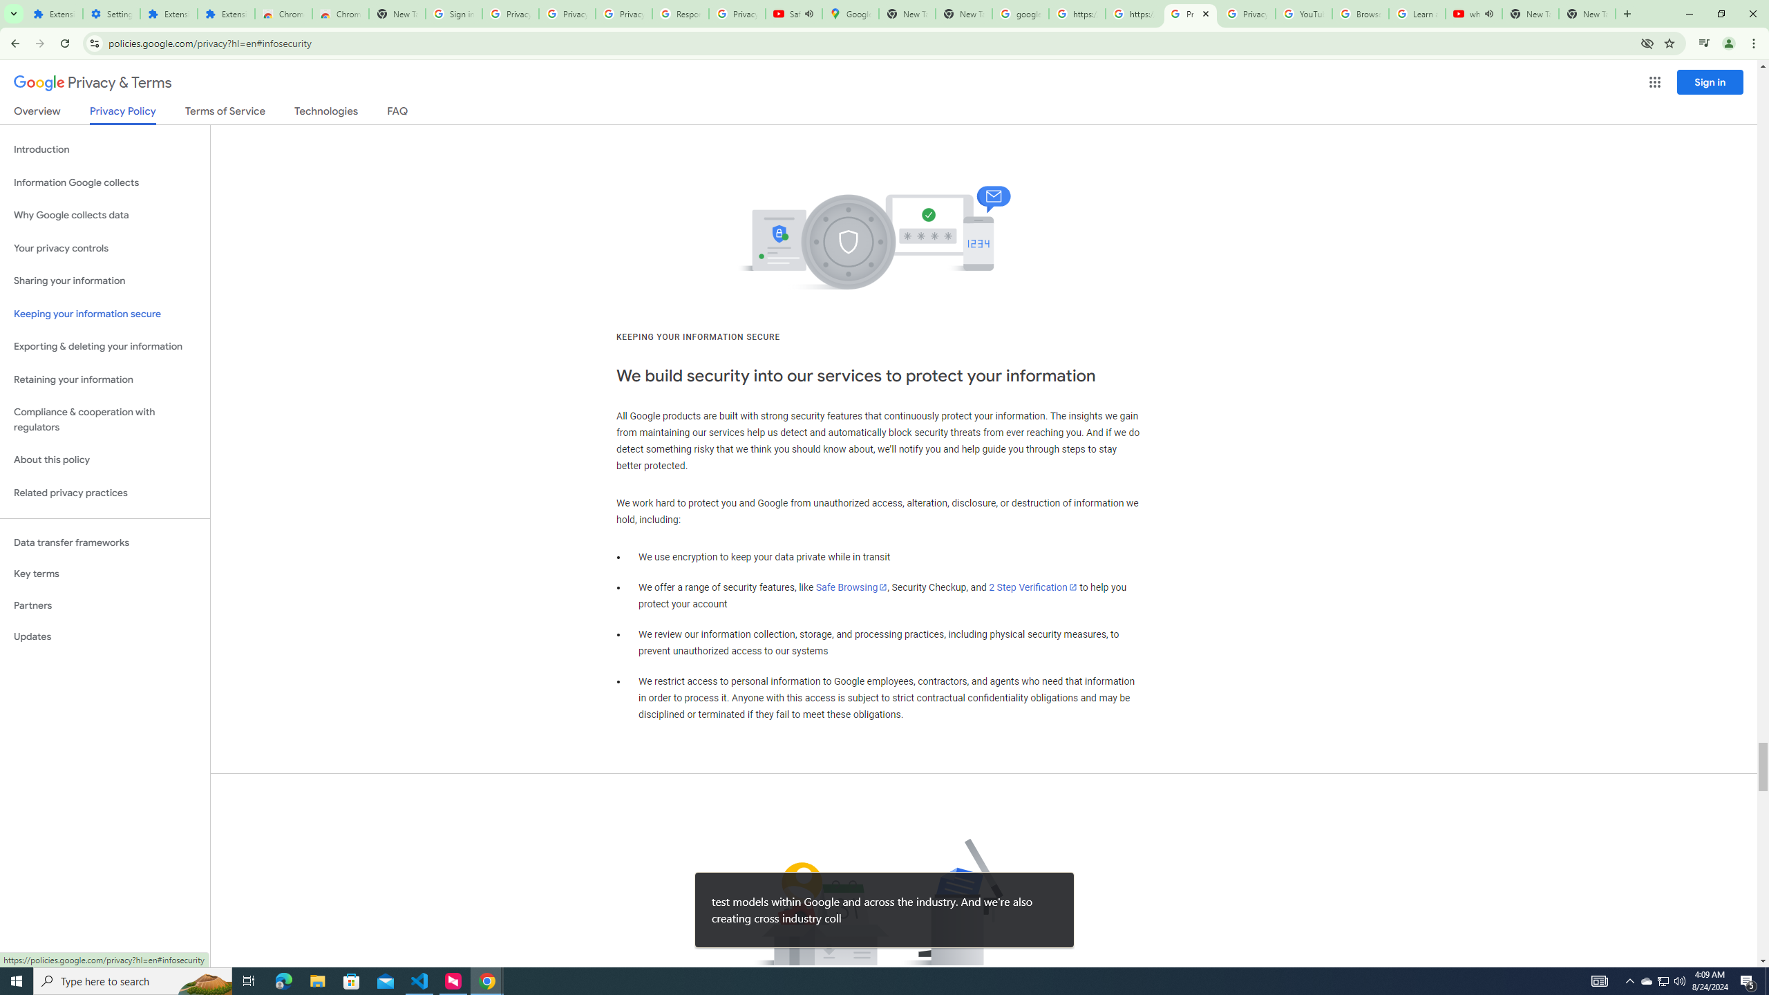 This screenshot has height=995, width=1769. What do you see at coordinates (104, 542) in the screenshot?
I see `'Data transfer frameworks'` at bounding box center [104, 542].